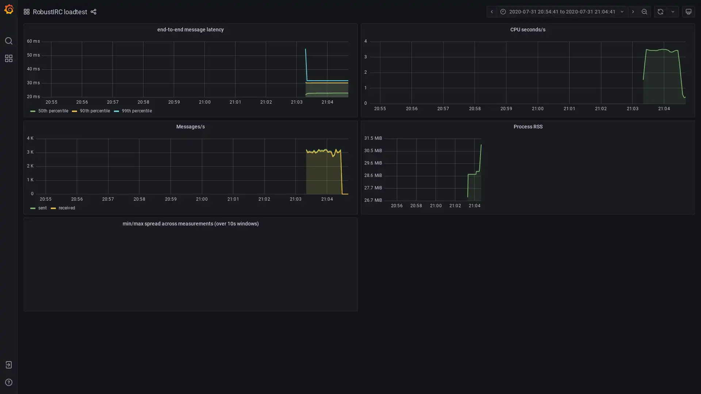 The height and width of the screenshot is (394, 701). What do you see at coordinates (92, 11) in the screenshot?
I see `Share dashboard or panel` at bounding box center [92, 11].